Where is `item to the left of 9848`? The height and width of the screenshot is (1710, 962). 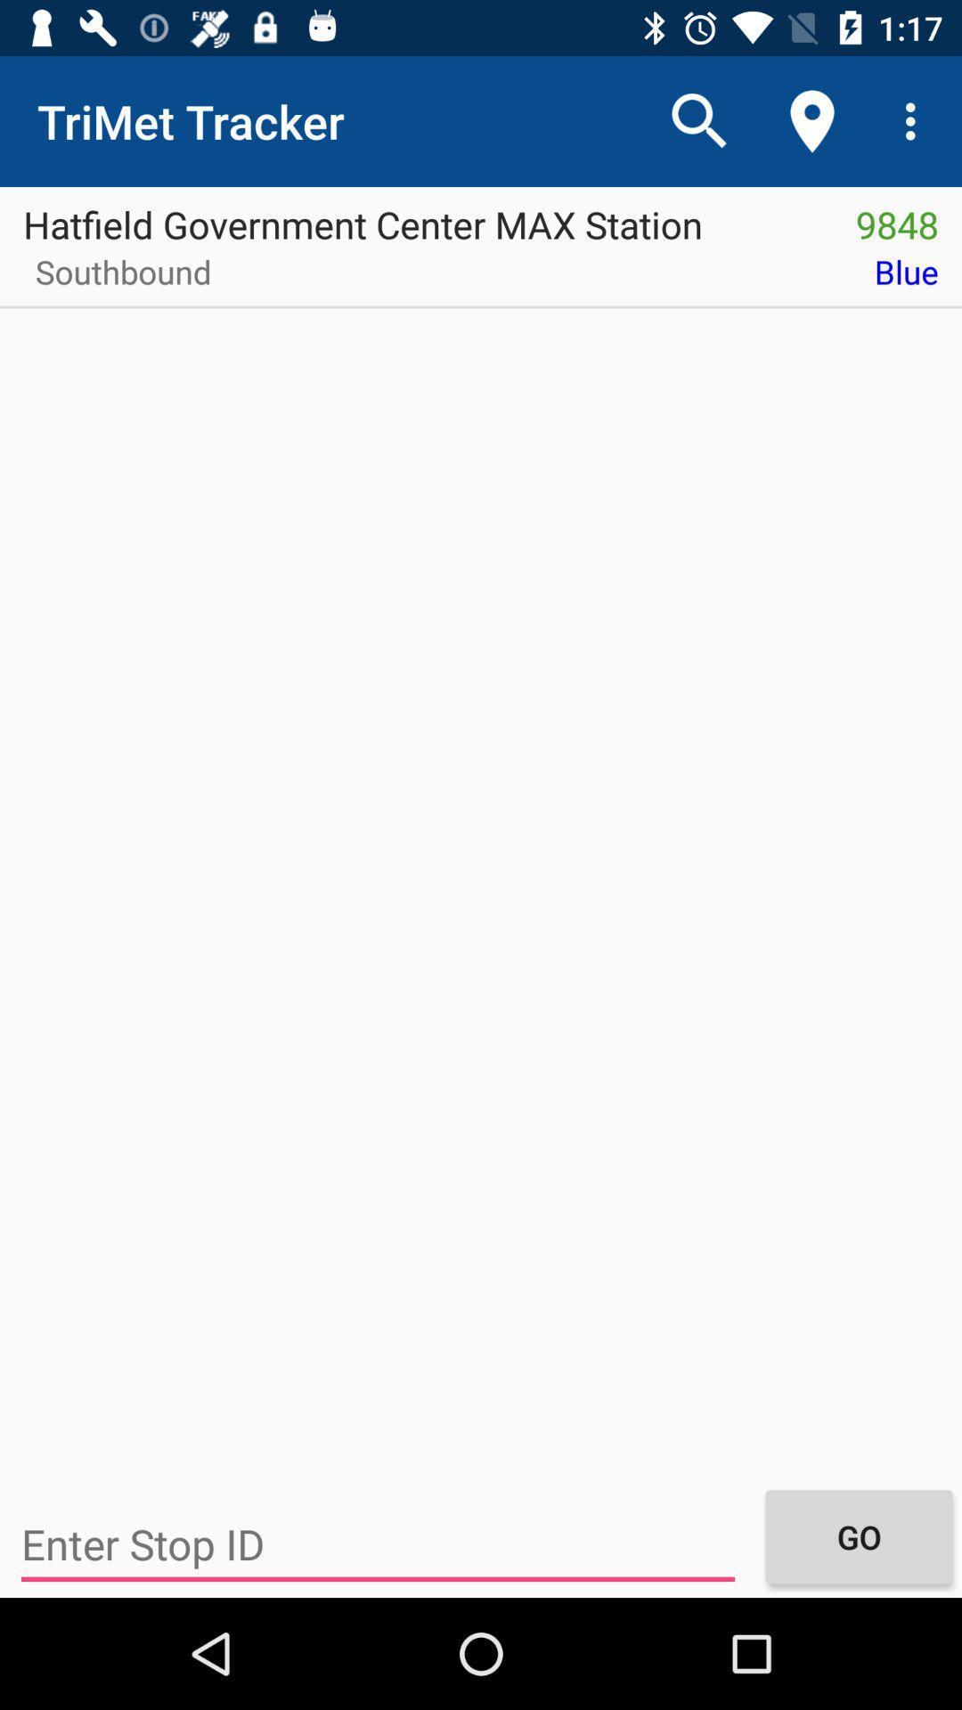 item to the left of 9848 is located at coordinates (416, 217).